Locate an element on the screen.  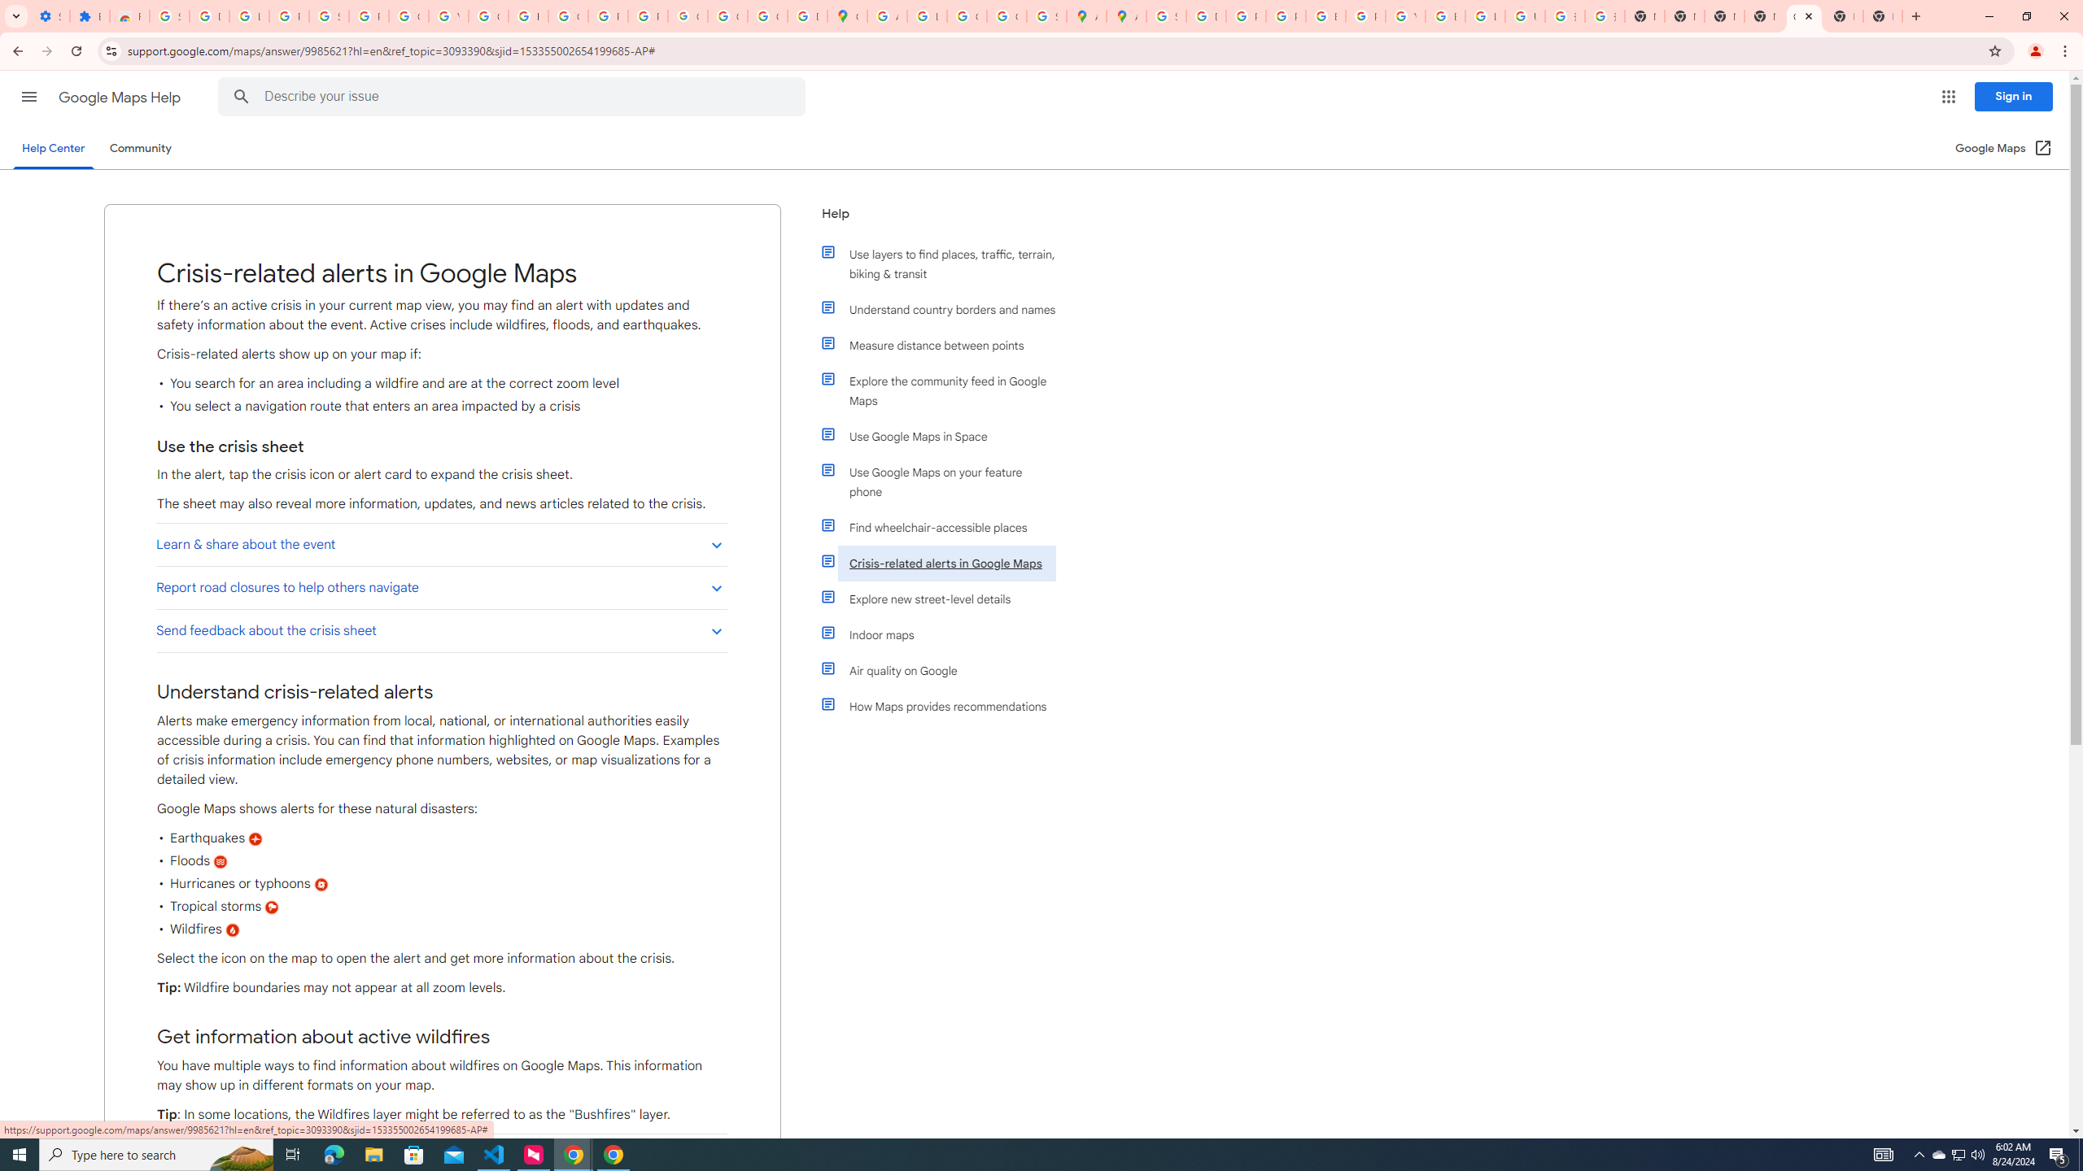
'Air quality on Google' is located at coordinates (945, 670).